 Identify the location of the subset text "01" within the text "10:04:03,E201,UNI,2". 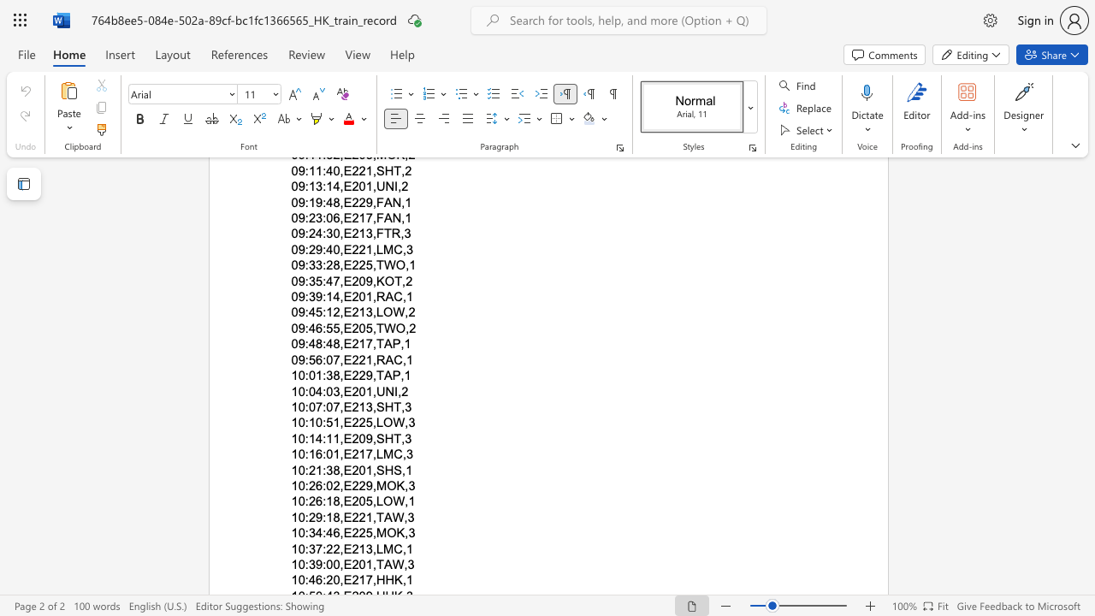
(358, 391).